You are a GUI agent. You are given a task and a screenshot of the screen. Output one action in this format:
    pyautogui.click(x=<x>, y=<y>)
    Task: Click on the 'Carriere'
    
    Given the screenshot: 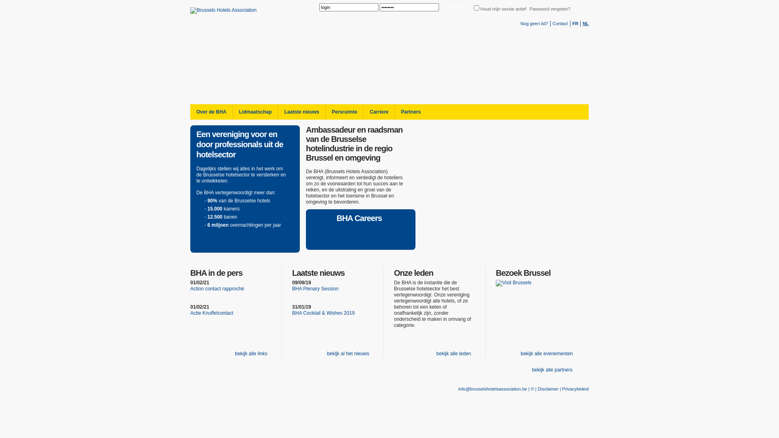 What is the action you would take?
    pyautogui.click(x=378, y=112)
    